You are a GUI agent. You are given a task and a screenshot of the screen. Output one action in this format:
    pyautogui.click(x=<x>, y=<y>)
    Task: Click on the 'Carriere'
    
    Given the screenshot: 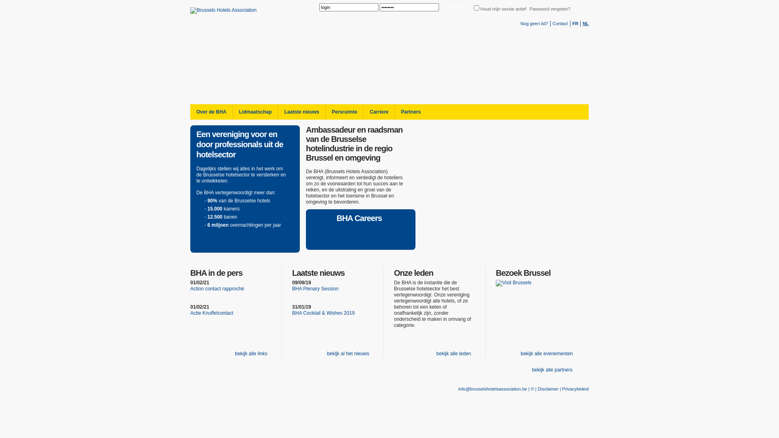 What is the action you would take?
    pyautogui.click(x=378, y=112)
    